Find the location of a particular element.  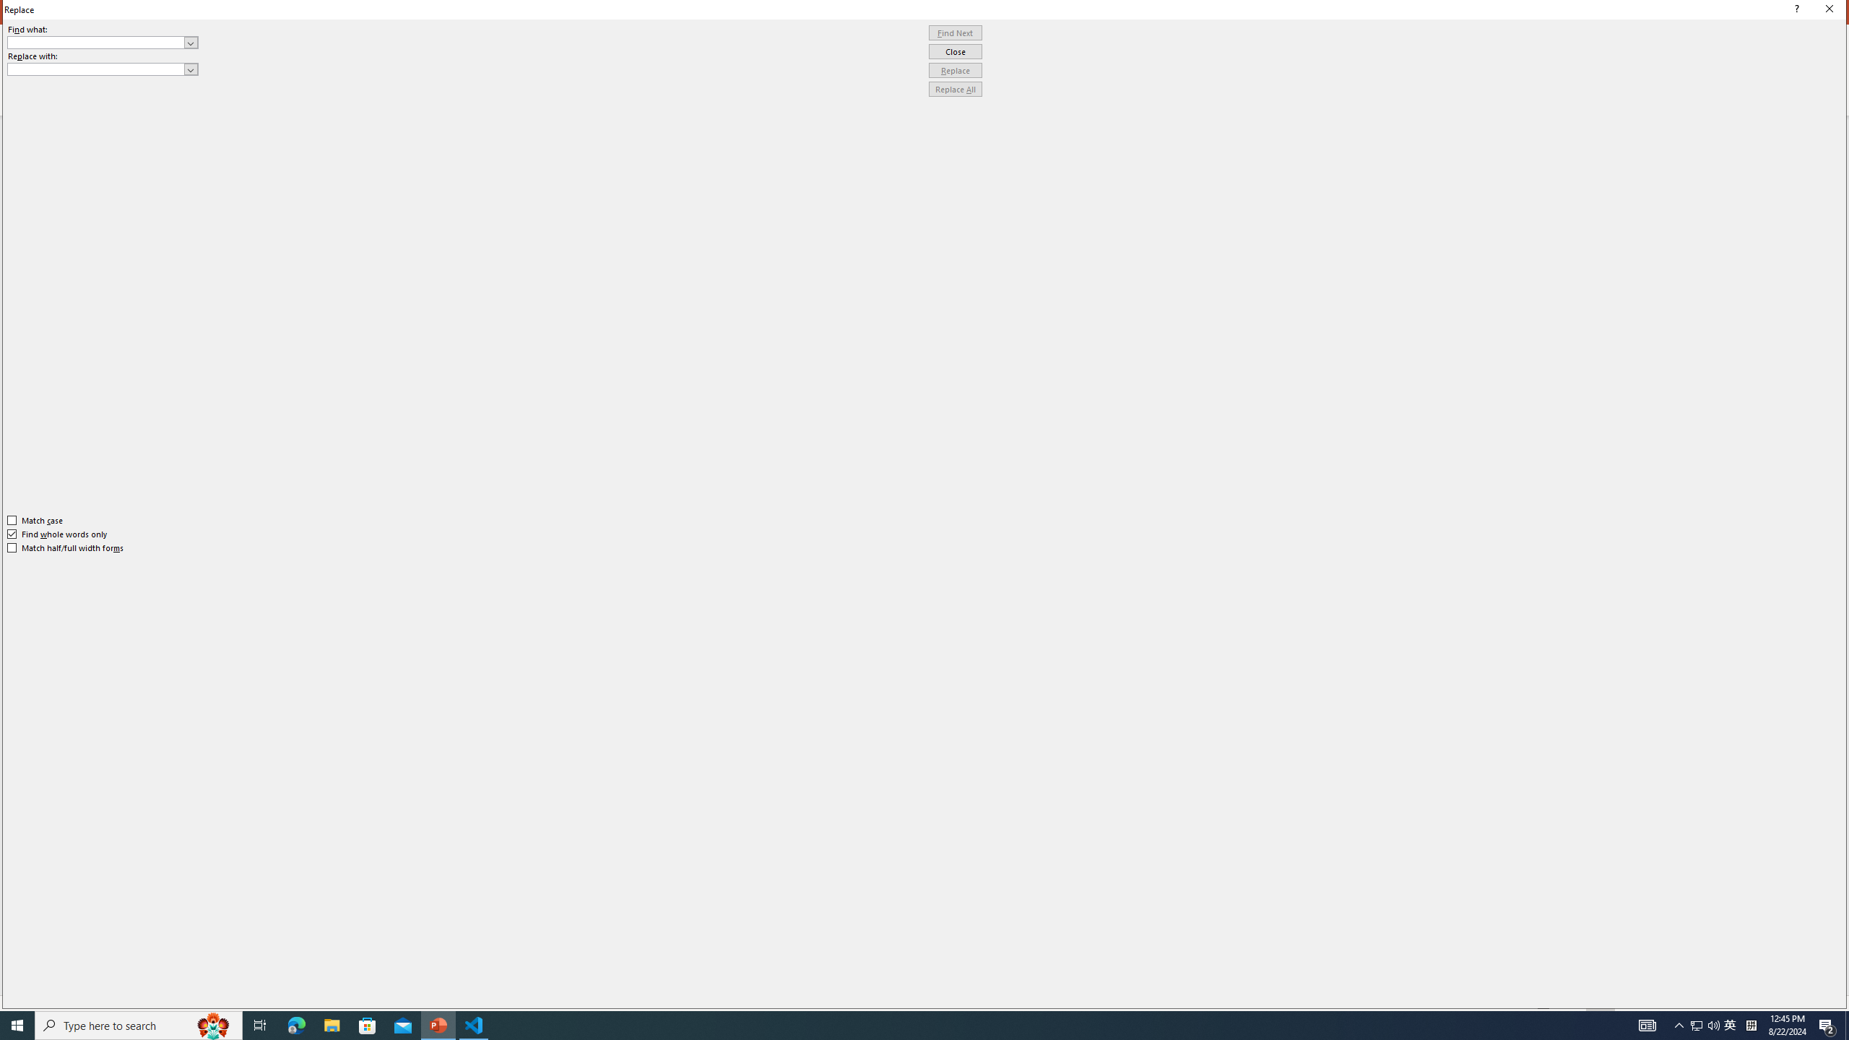

'Replace with' is located at coordinates (103, 69).